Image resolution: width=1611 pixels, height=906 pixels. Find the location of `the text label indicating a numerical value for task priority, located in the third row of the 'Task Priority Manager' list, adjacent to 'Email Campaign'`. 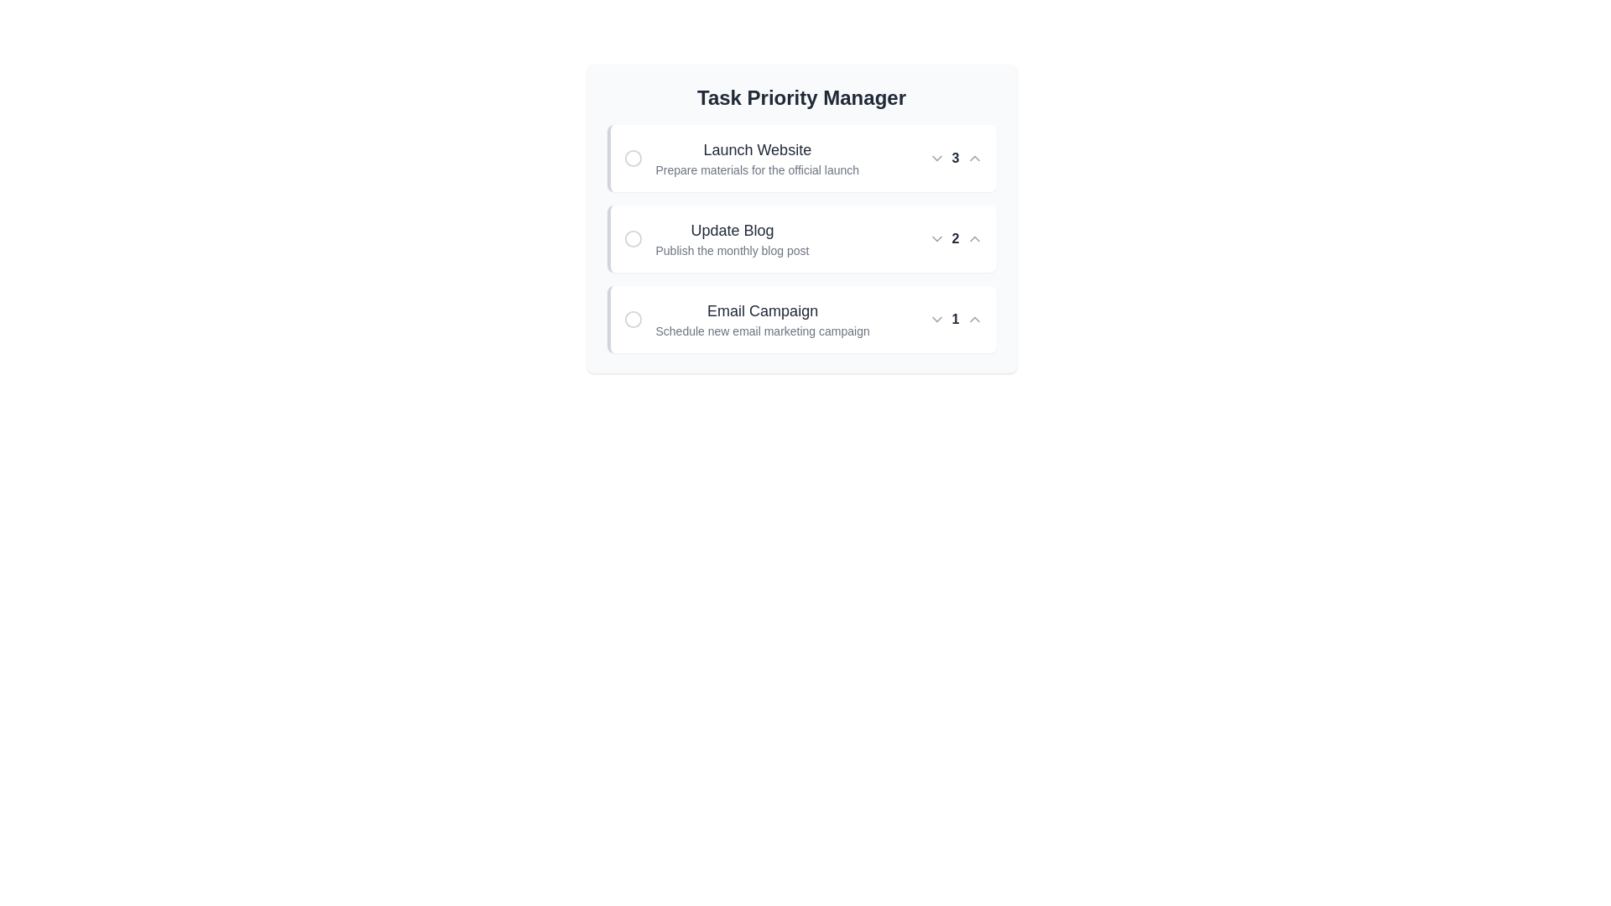

the text label indicating a numerical value for task priority, located in the third row of the 'Task Priority Manager' list, adjacent to 'Email Campaign' is located at coordinates (956, 320).